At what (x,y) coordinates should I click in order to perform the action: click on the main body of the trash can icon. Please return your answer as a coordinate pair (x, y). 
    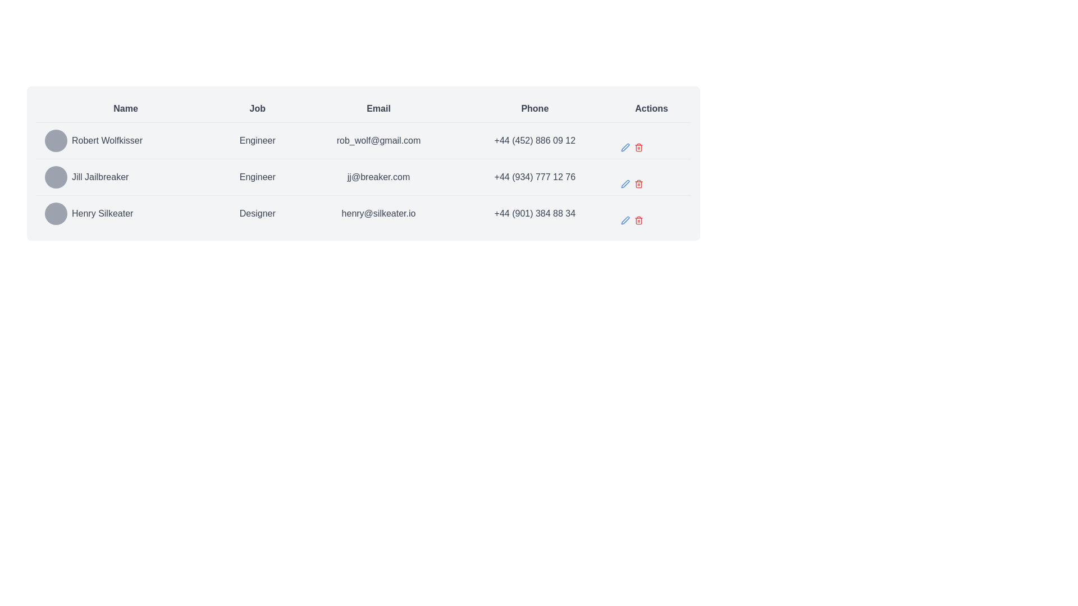
    Looking at the image, I should click on (638, 221).